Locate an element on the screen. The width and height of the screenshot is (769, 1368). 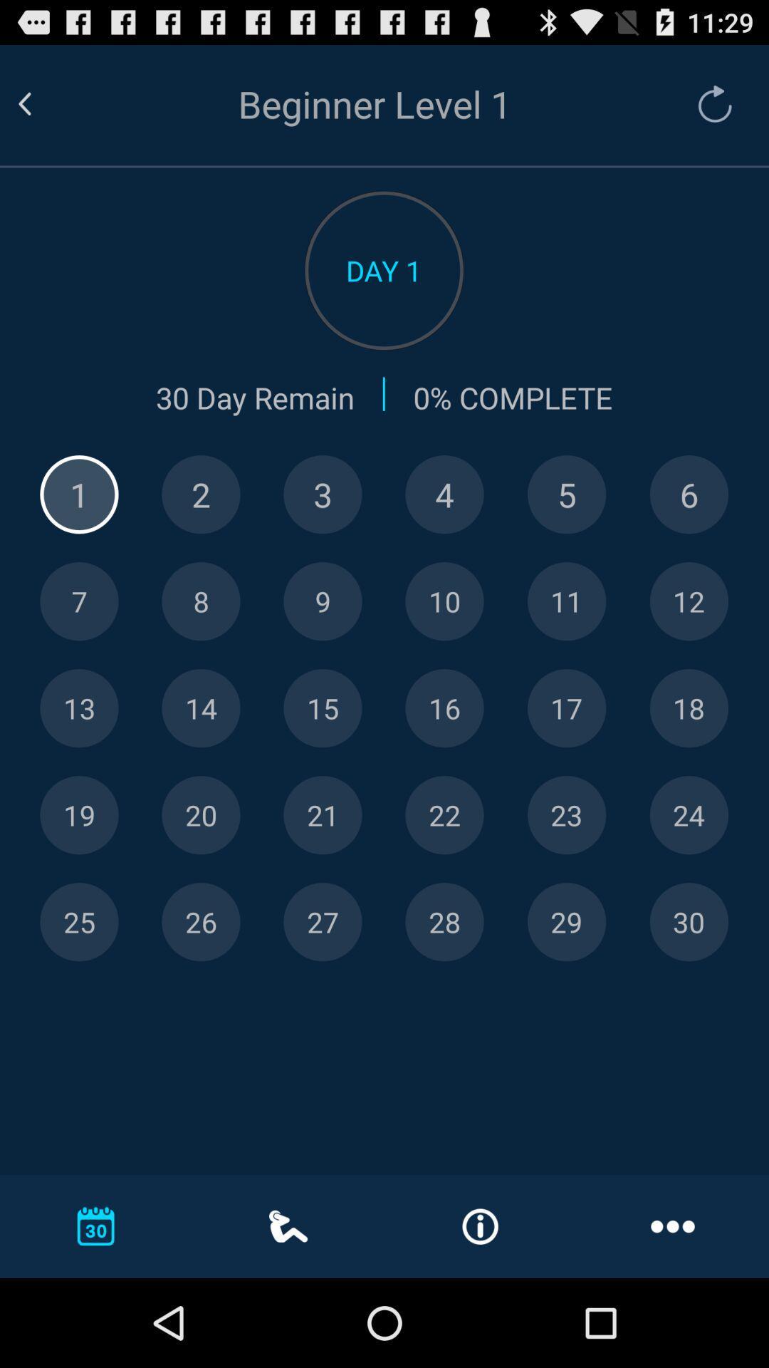
specific day is located at coordinates (79, 922).